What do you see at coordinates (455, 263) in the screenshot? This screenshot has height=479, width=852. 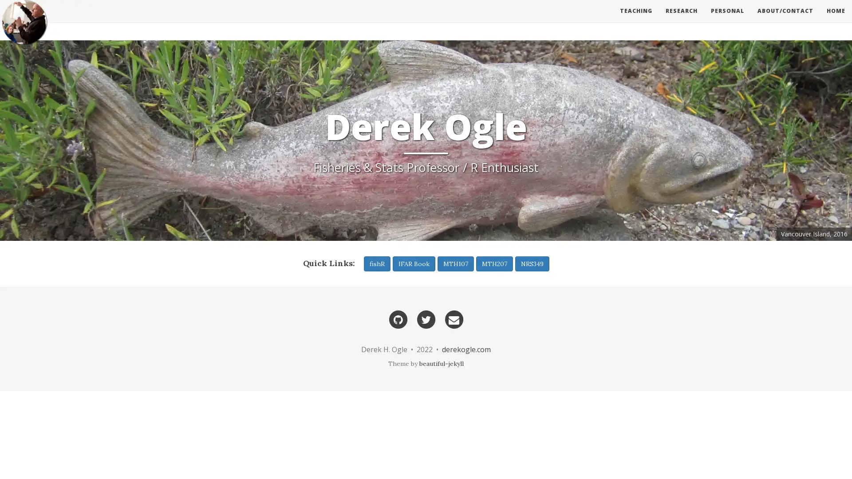 I see `MTH107` at bounding box center [455, 263].